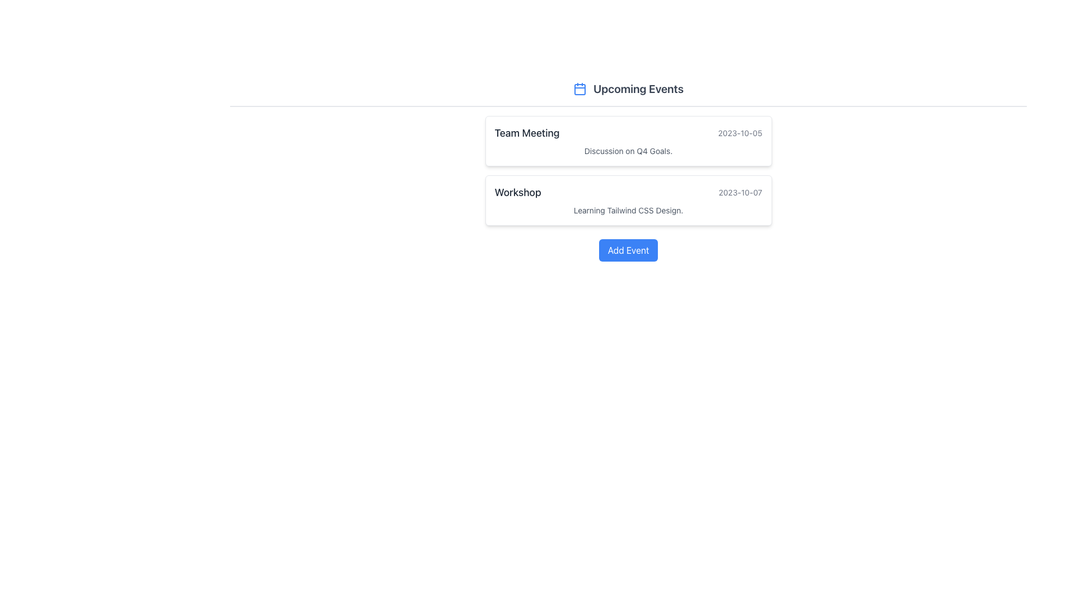 The height and width of the screenshot is (605, 1075). What do you see at coordinates (740, 133) in the screenshot?
I see `the Text Display that shows the date for the 'Team Meeting' event, located in the top-right corner of the event card` at bounding box center [740, 133].